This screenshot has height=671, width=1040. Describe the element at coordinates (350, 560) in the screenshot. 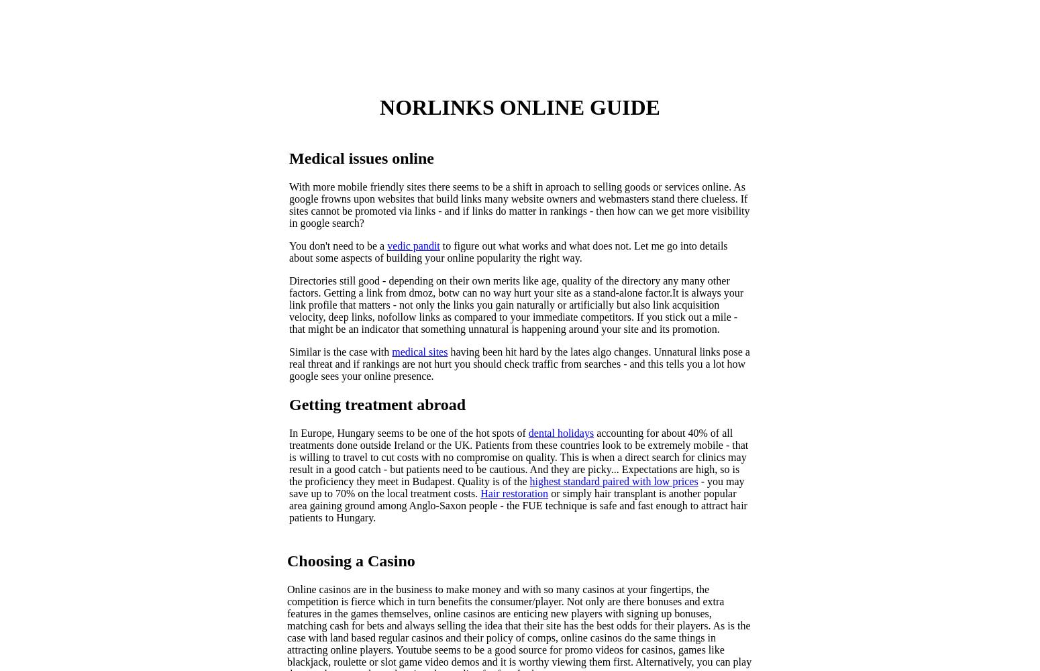

I see `'Choosing a Casino'` at that location.